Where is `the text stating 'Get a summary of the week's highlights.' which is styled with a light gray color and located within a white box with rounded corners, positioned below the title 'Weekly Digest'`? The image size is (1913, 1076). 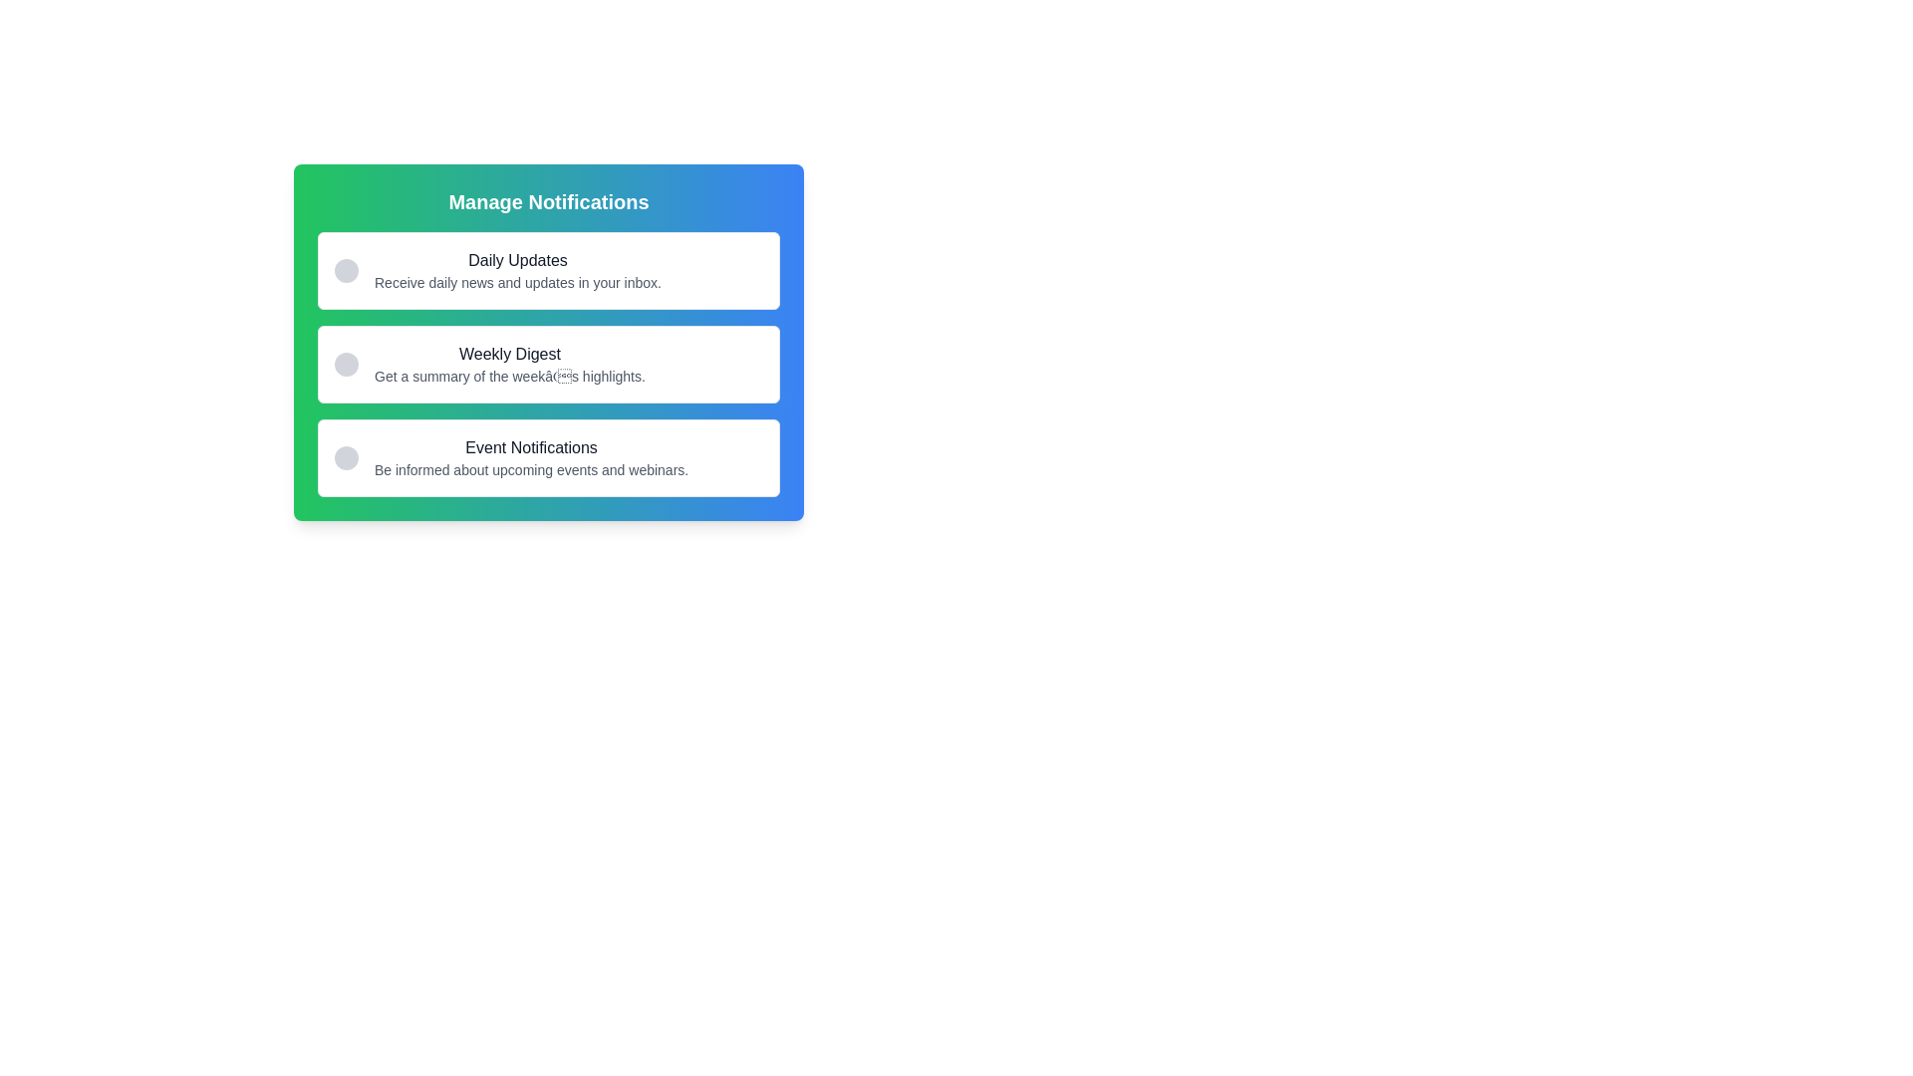
the text stating 'Get a summary of the week's highlights.' which is styled with a light gray color and located within a white box with rounded corners, positioned below the title 'Weekly Digest' is located at coordinates (509, 377).